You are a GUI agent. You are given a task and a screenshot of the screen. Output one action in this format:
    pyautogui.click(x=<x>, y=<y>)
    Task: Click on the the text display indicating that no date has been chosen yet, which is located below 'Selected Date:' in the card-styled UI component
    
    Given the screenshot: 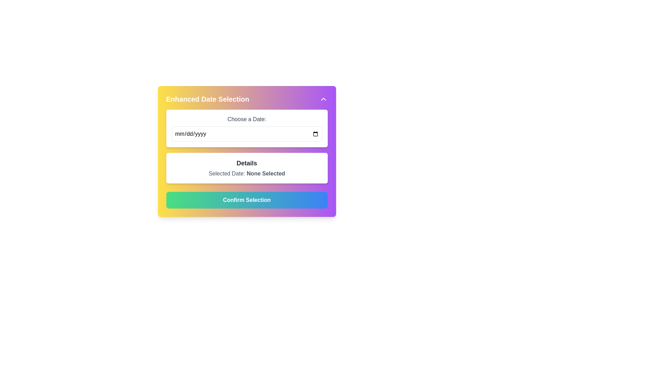 What is the action you would take?
    pyautogui.click(x=265, y=173)
    